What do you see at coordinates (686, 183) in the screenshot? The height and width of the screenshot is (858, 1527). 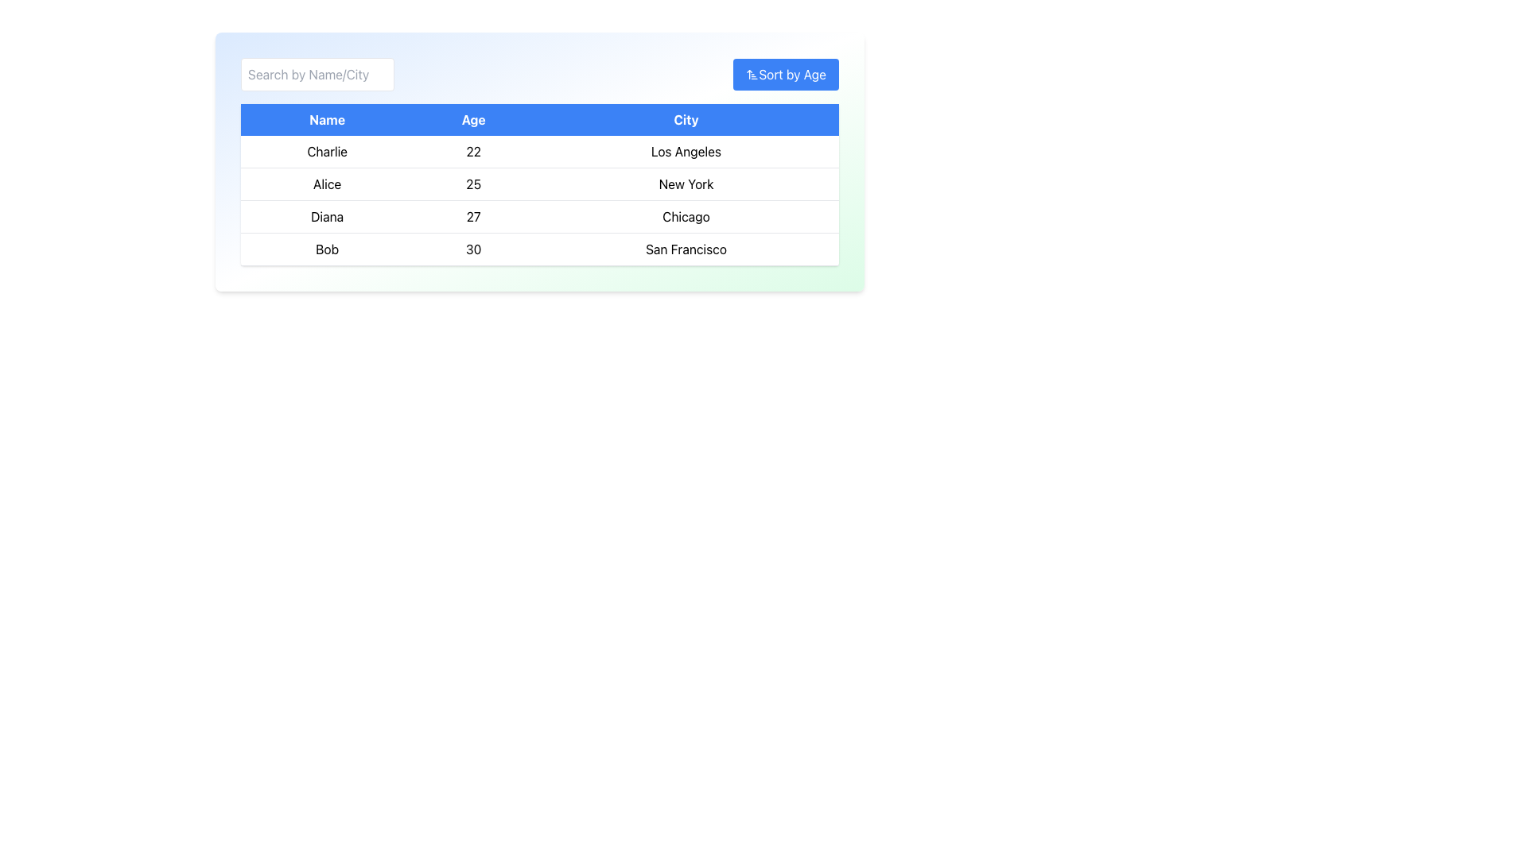 I see `the text 'New York' located in the 'City' column of the table, aligned with 'Alice' under the 'Name' column` at bounding box center [686, 183].